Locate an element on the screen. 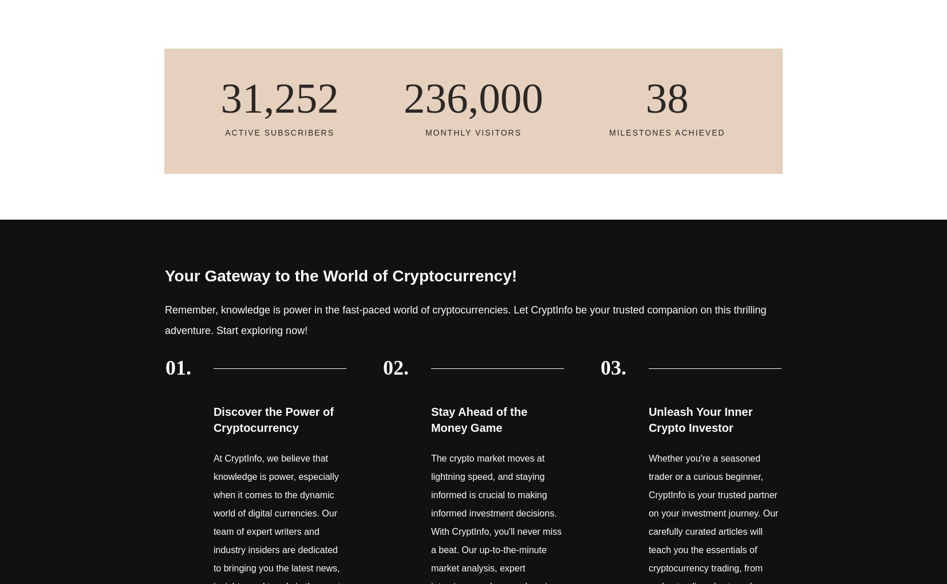 This screenshot has height=584, width=947. 'Your Gateway to the World of Cryptocurrency!' is located at coordinates (164, 275).